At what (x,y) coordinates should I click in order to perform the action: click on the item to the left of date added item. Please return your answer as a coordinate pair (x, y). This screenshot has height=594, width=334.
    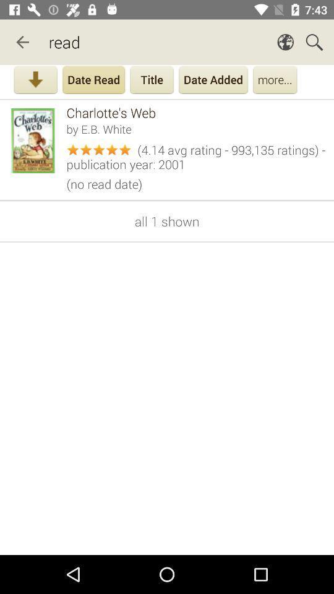
    Looking at the image, I should click on (152, 80).